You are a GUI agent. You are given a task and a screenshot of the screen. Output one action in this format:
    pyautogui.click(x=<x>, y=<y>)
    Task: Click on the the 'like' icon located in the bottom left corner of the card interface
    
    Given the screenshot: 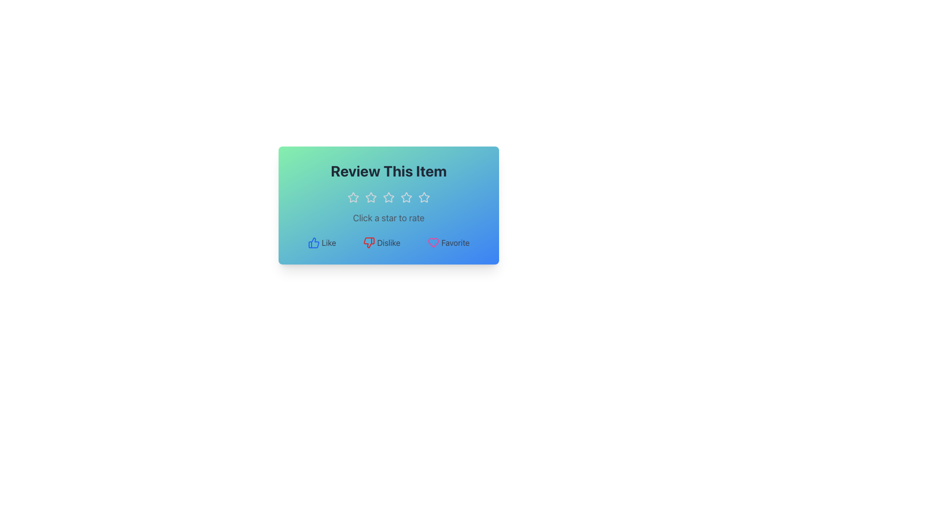 What is the action you would take?
    pyautogui.click(x=313, y=242)
    